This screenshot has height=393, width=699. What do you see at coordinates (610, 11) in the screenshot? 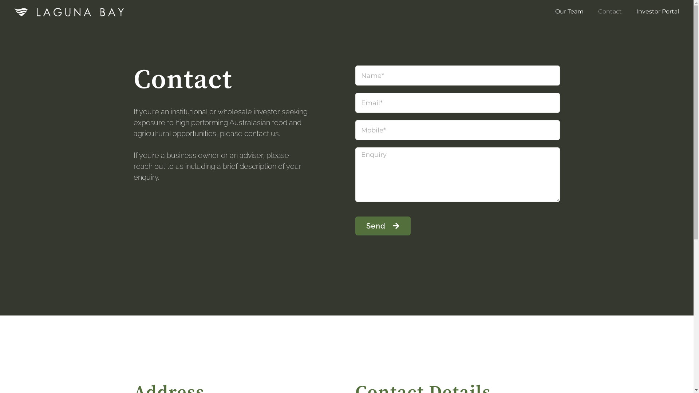
I see `'Contact'` at bounding box center [610, 11].